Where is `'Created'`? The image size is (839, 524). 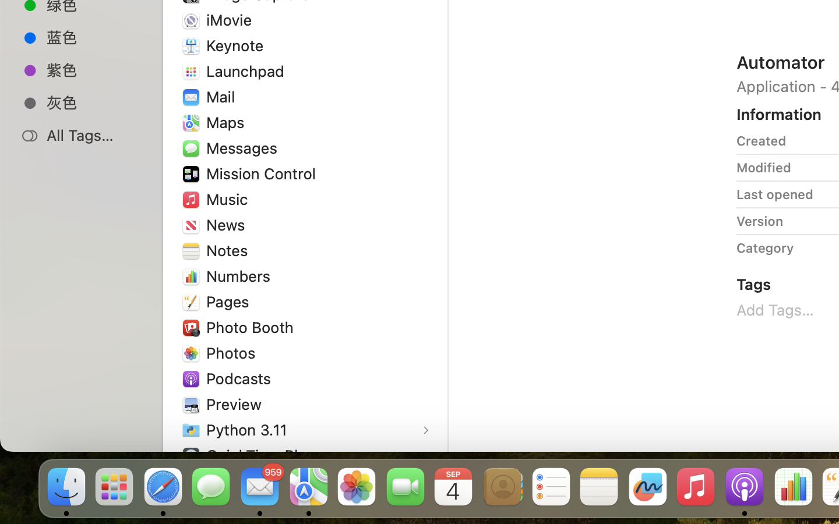 'Created' is located at coordinates (761, 140).